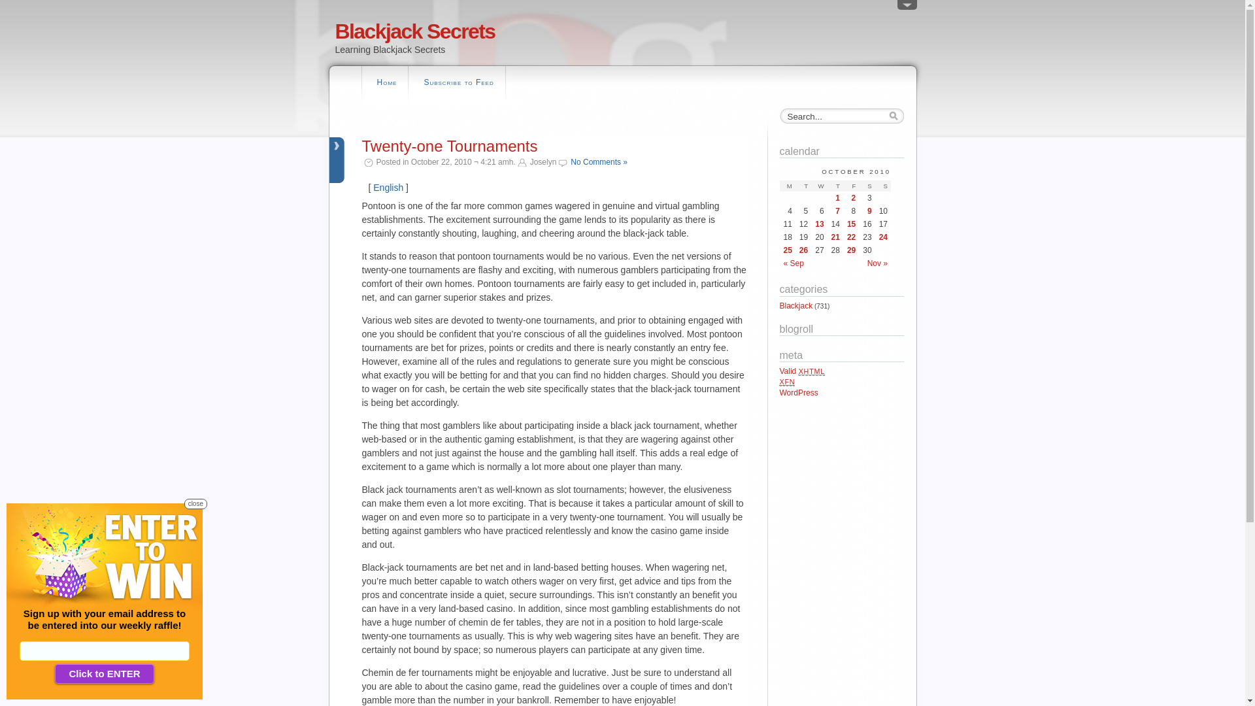 This screenshot has width=1255, height=706. I want to click on 'Users', so click(906, 7).